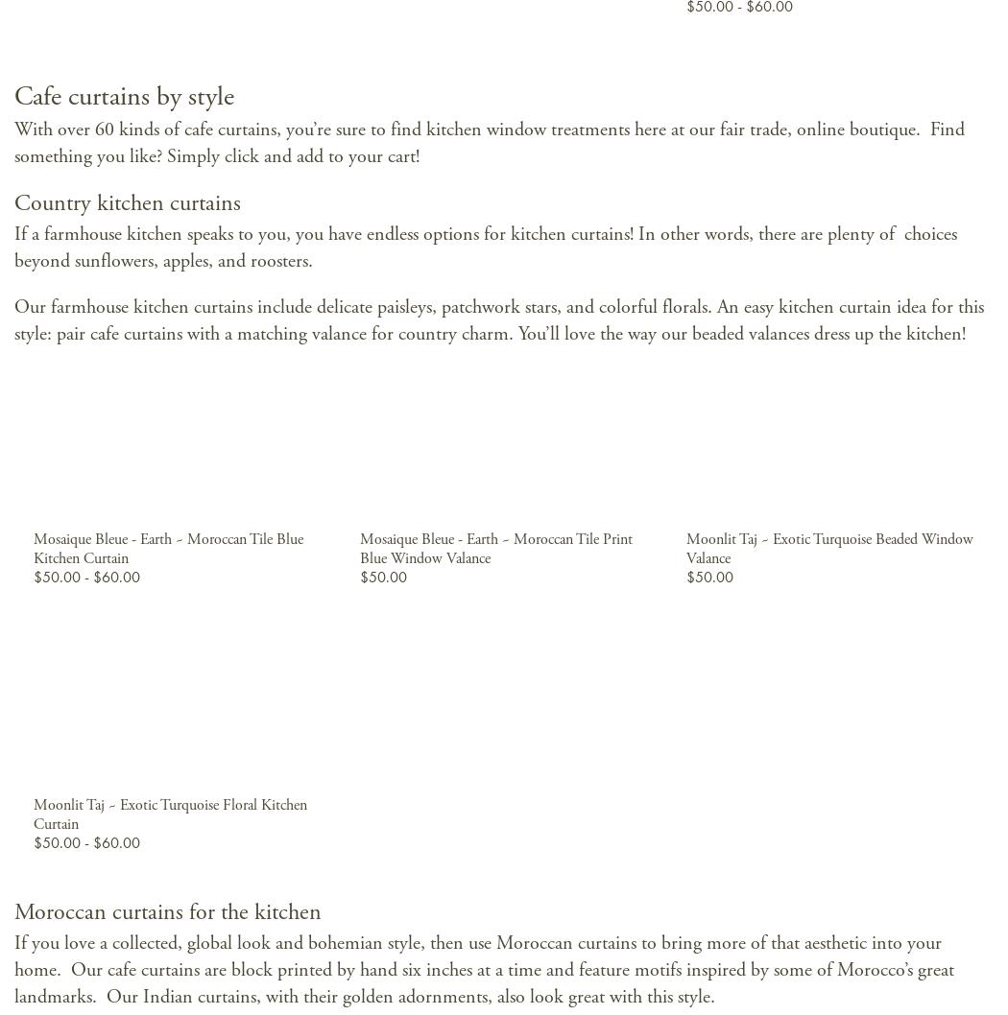 The width and height of the screenshot is (1008, 1015). Describe the element at coordinates (488, 142) in the screenshot. I see `'With over 60 kinds of cafe curtains, you’re sure to find kitchen window treatments here at our fair trade, online boutique.  Find something you like? Simply click and add to your cart!'` at that location.